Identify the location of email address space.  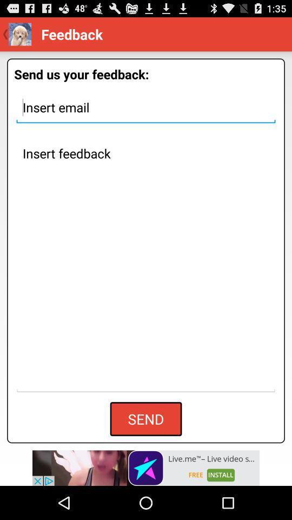
(146, 107).